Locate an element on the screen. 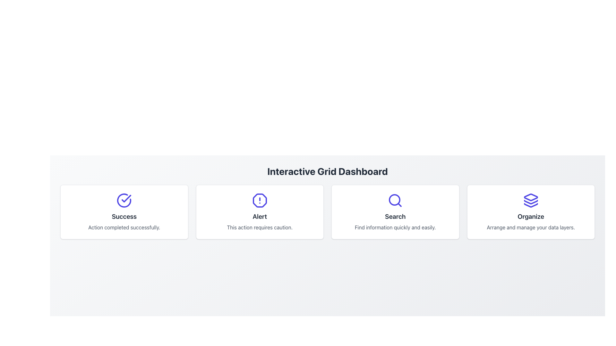 The width and height of the screenshot is (616, 346). the icon on the Informational card, which is the third card in the grid layout, positioned between the Alert card and the Organize card is located at coordinates (395, 212).